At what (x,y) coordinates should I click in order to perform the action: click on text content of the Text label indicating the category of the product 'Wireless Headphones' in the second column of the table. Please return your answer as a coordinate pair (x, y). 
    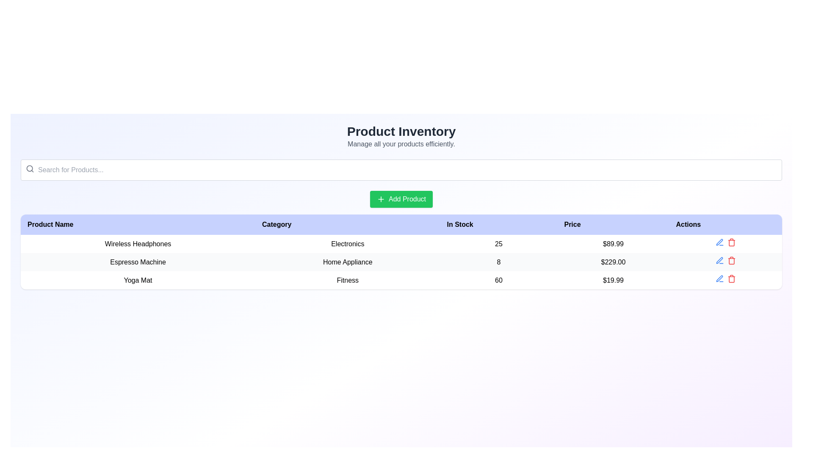
    Looking at the image, I should click on (348, 244).